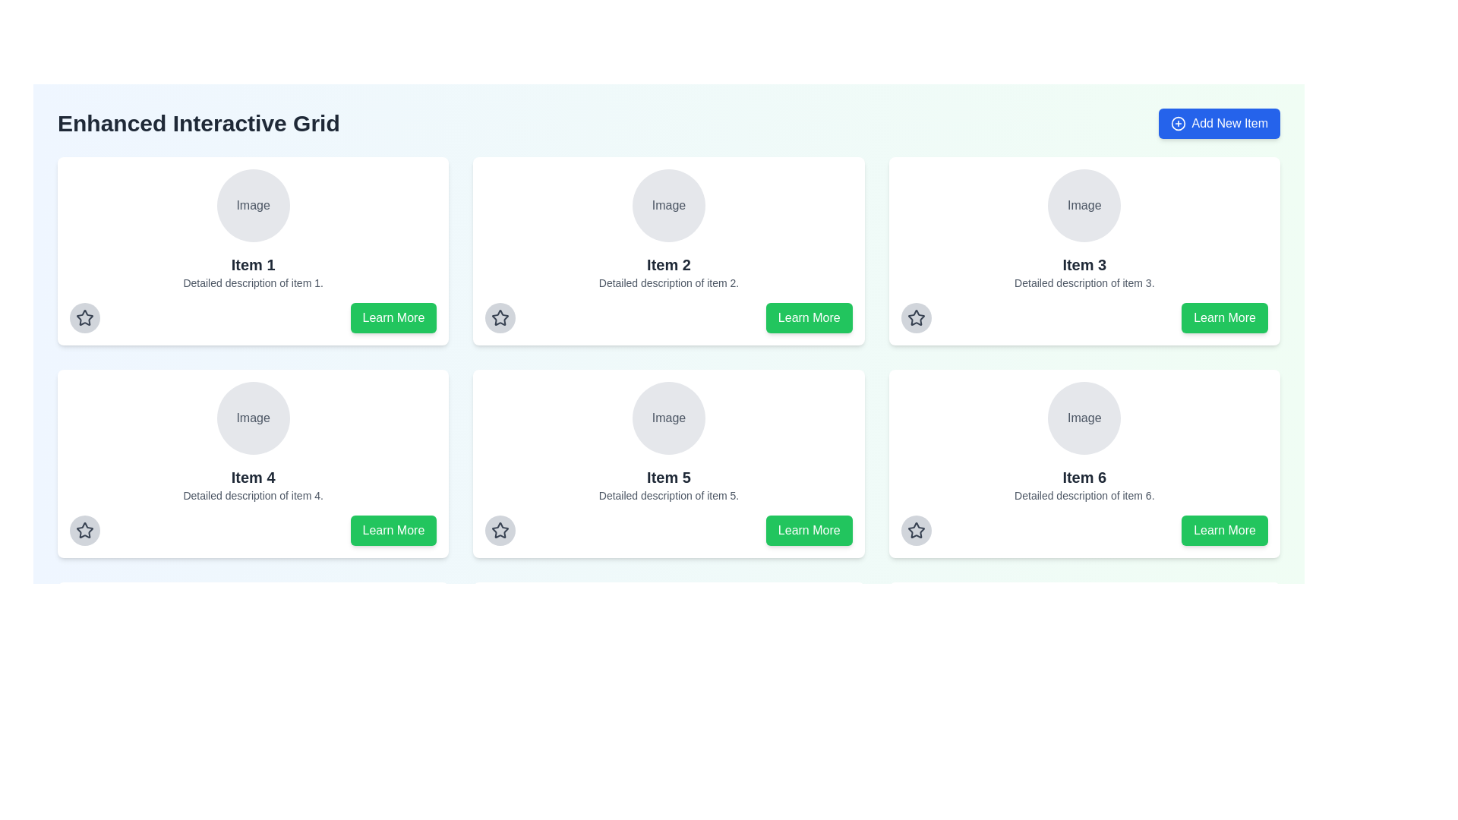  What do you see at coordinates (1084, 205) in the screenshot?
I see `the text label displaying 'Image' in gray color, which is centered within a circular gray background on the white card layout labeled 'Item 3' in the 'Enhanced Interactive Grid' section` at bounding box center [1084, 205].